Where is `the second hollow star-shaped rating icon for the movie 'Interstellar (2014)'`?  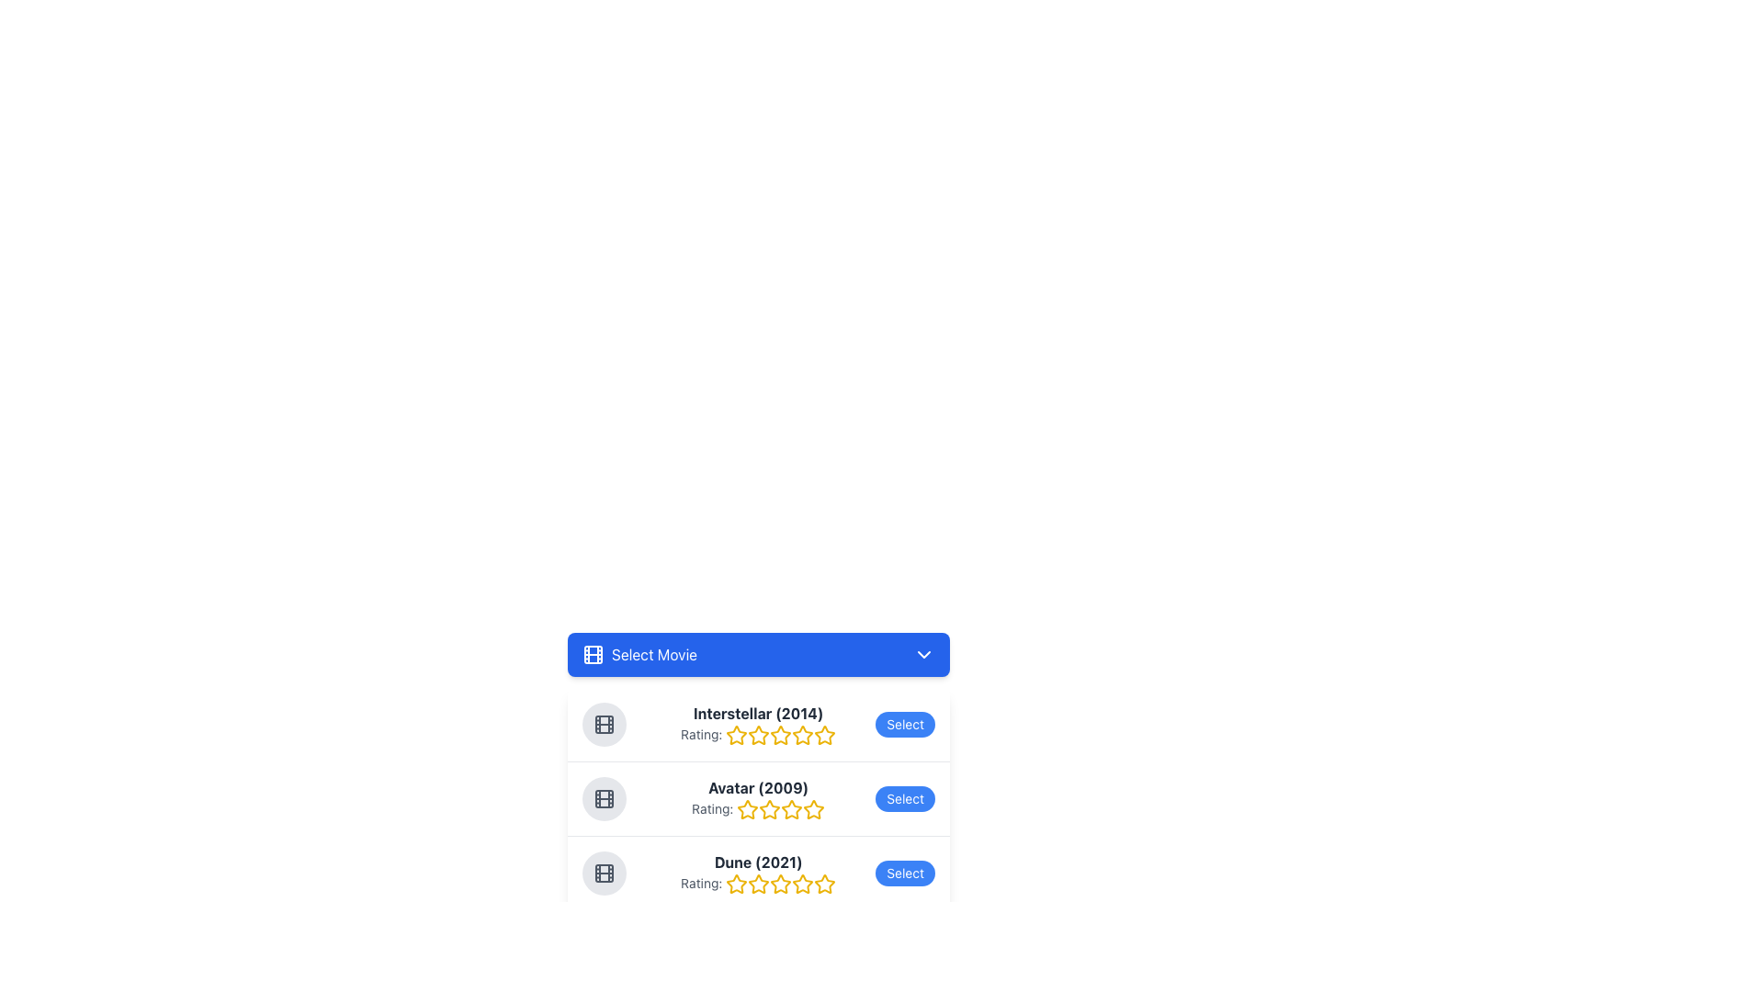
the second hollow star-shaped rating icon for the movie 'Interstellar (2014)' is located at coordinates (781, 734).